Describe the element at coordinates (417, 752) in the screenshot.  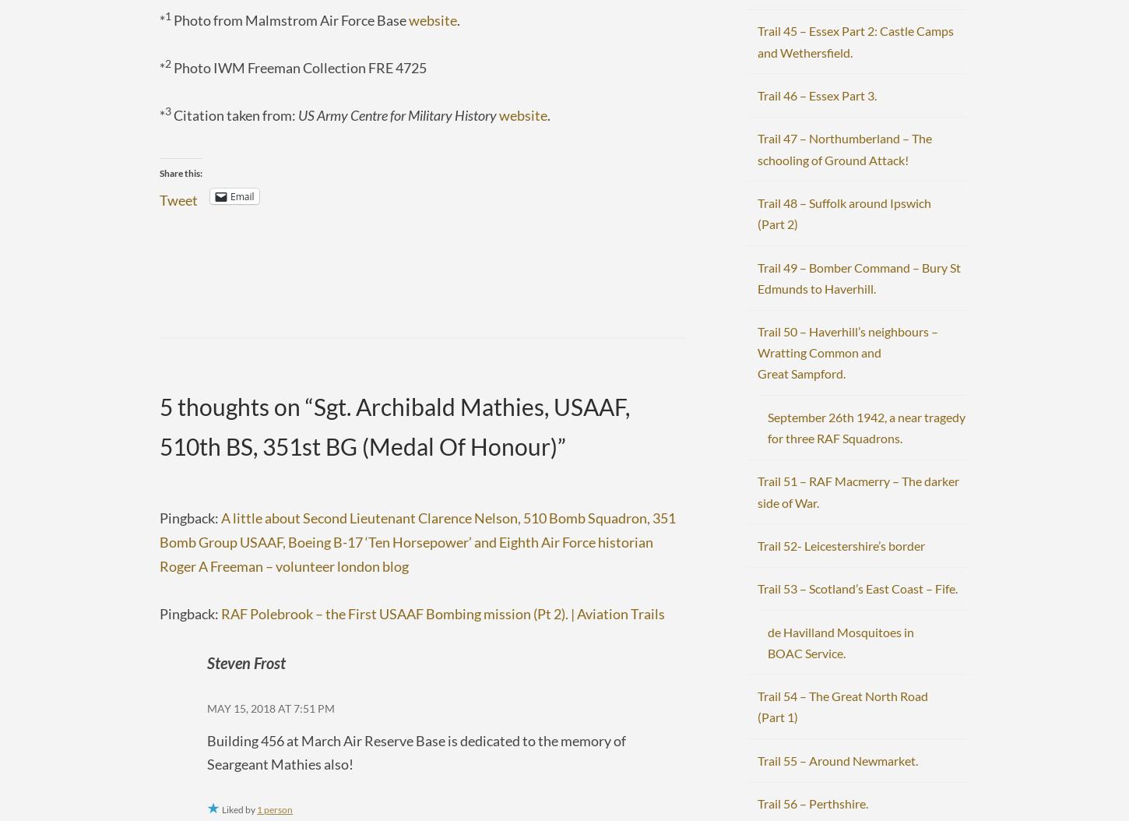
I see `'Building 456 at March Air Reserve Base is dedicated to the memory of Seargeant Mathies also!'` at that location.